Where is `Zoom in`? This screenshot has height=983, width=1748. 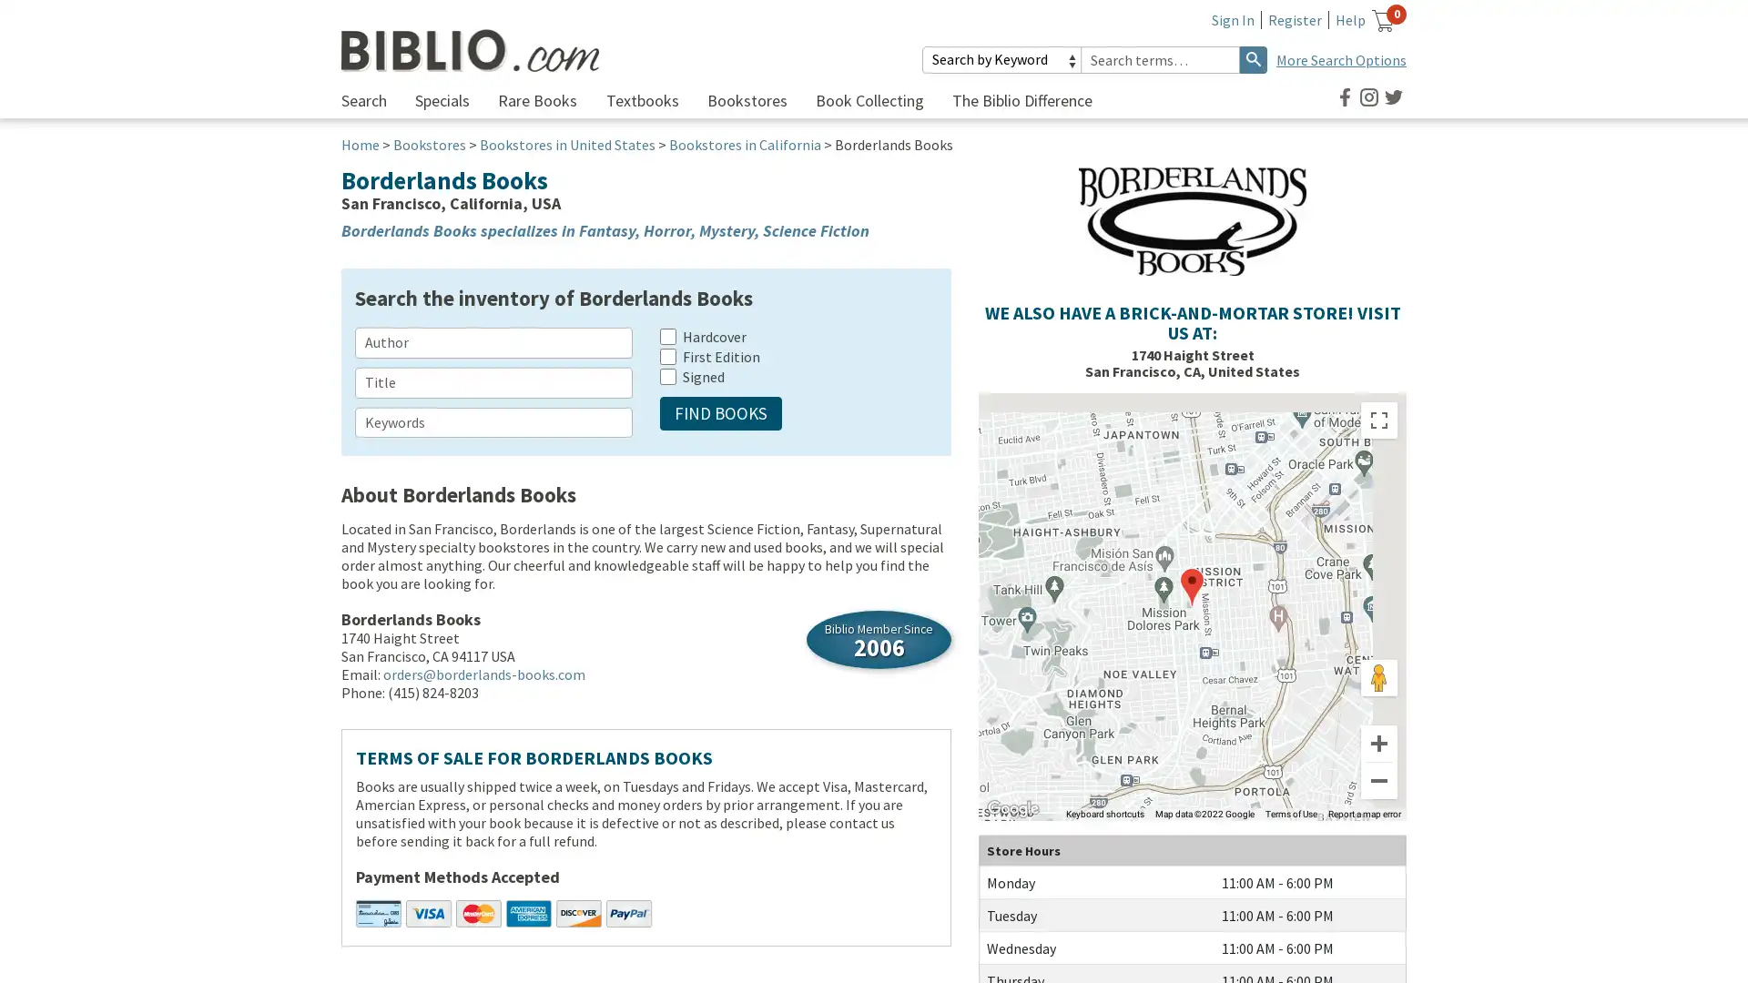
Zoom in is located at coordinates (1379, 744).